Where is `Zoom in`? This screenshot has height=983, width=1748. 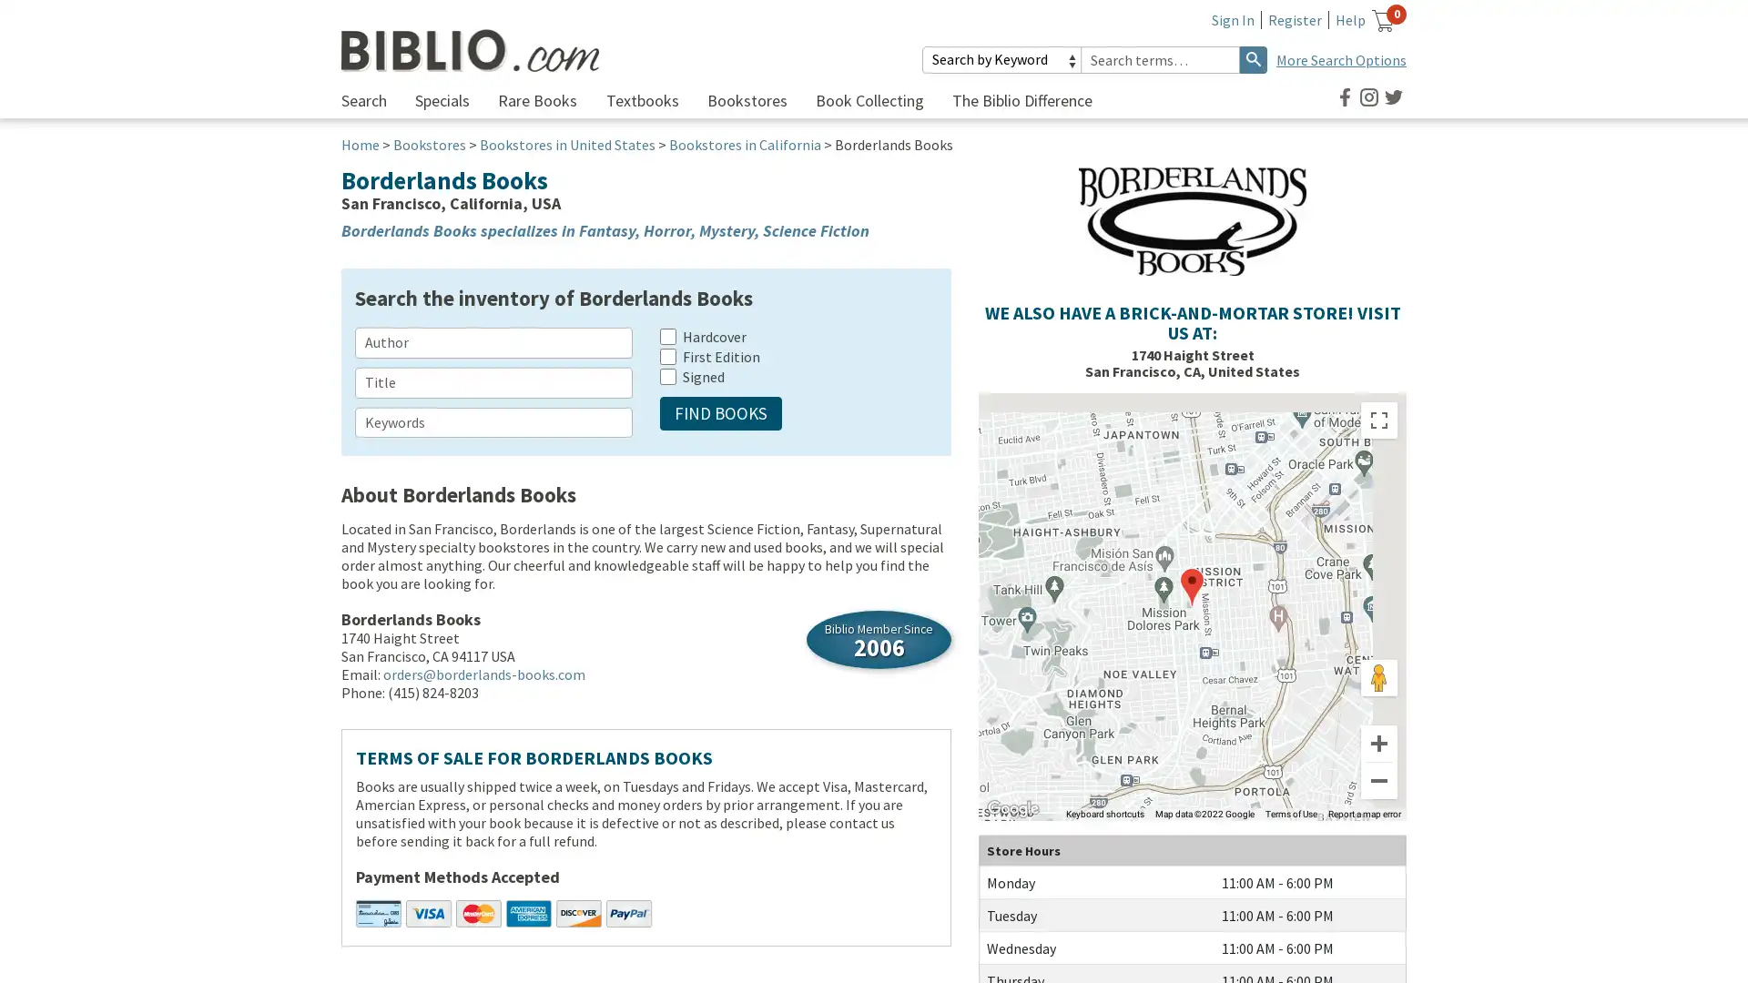
Zoom in is located at coordinates (1379, 744).